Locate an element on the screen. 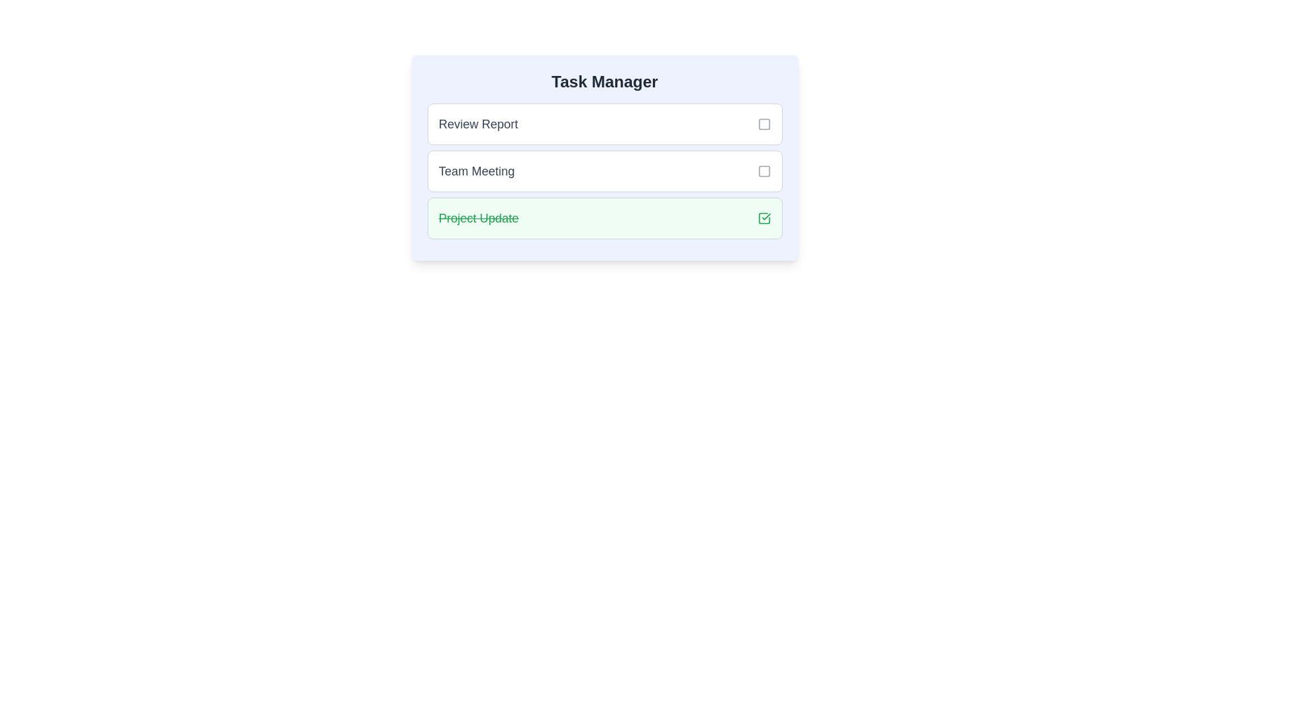 This screenshot has height=726, width=1291. the green square-like frame graphical component, which is part of the SVG icon indicating a completed task, located at the far-right of the third row in the 'Task Manager' interface is located at coordinates (764, 217).